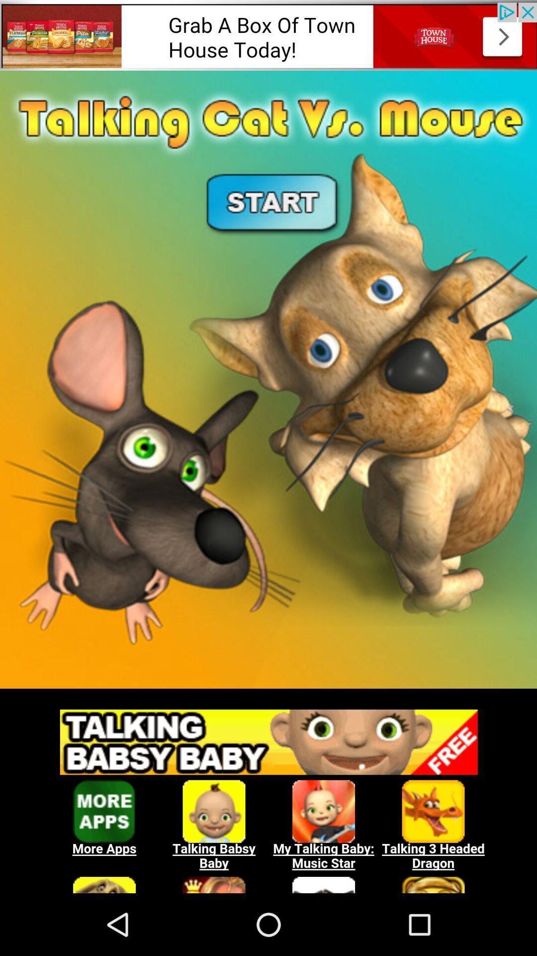  What do you see at coordinates (114, 115) in the screenshot?
I see `the gift icon` at bounding box center [114, 115].